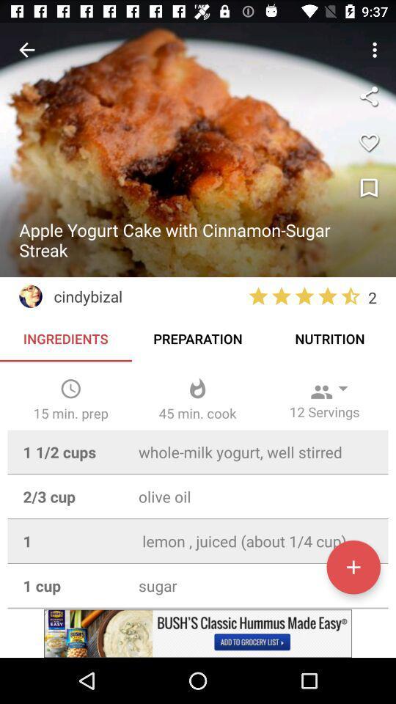 The height and width of the screenshot is (704, 396). Describe the element at coordinates (368, 95) in the screenshot. I see `the share icon` at that location.